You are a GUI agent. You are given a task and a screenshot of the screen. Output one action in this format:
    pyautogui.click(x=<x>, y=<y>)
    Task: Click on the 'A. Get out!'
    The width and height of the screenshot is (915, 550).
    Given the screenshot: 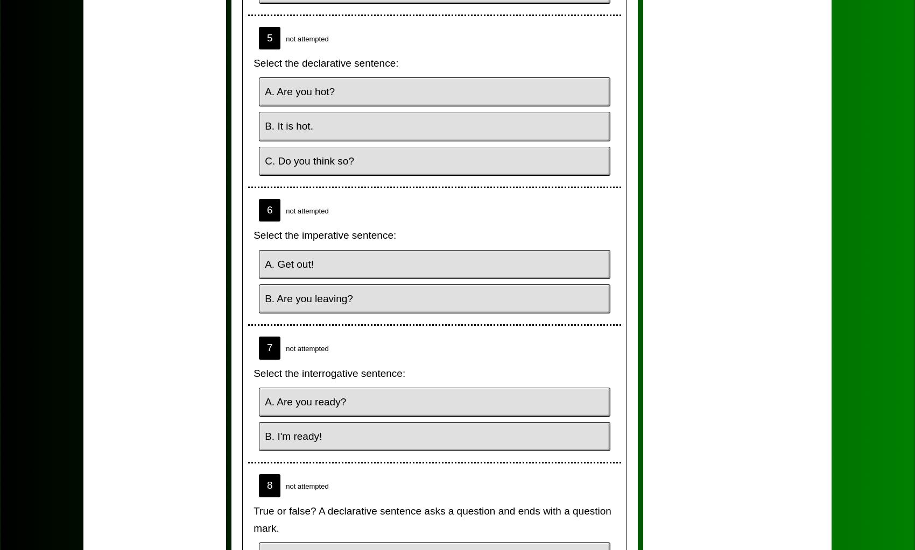 What is the action you would take?
    pyautogui.click(x=264, y=263)
    